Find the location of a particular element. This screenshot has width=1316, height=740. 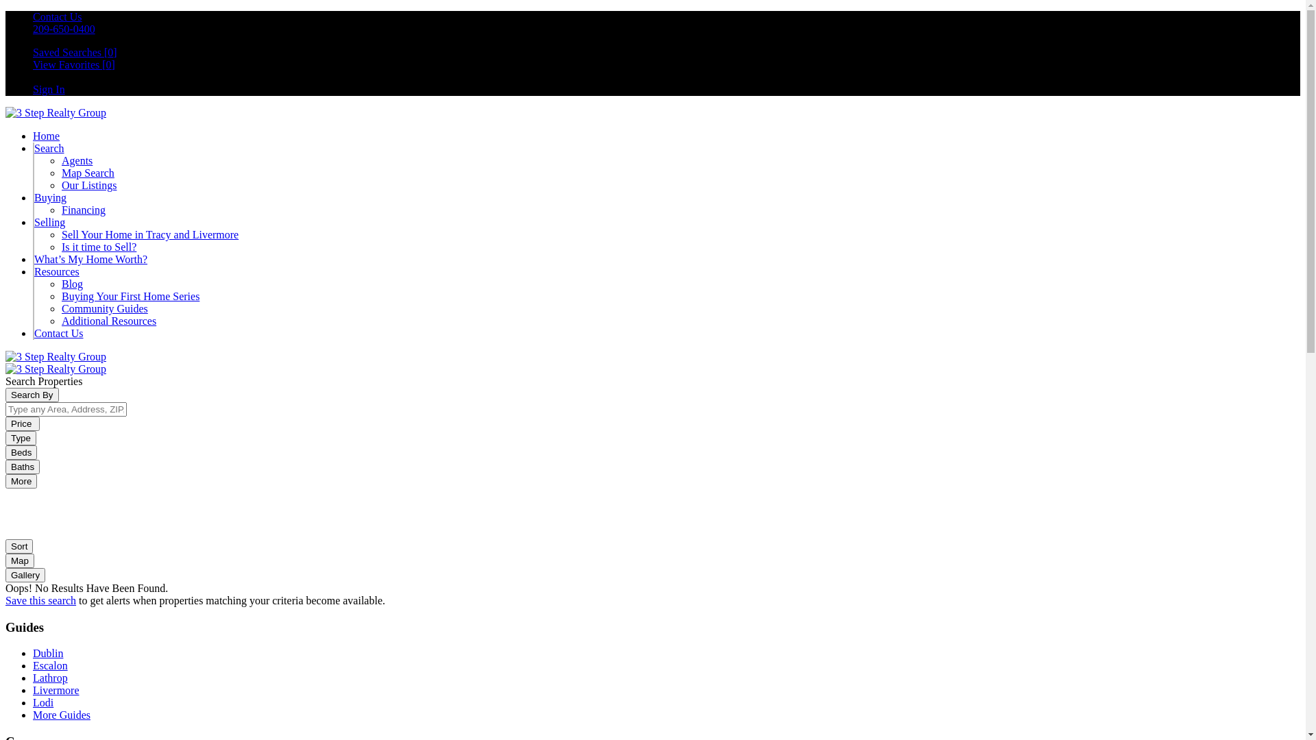

'Buying Your First Home Series' is located at coordinates (130, 295).